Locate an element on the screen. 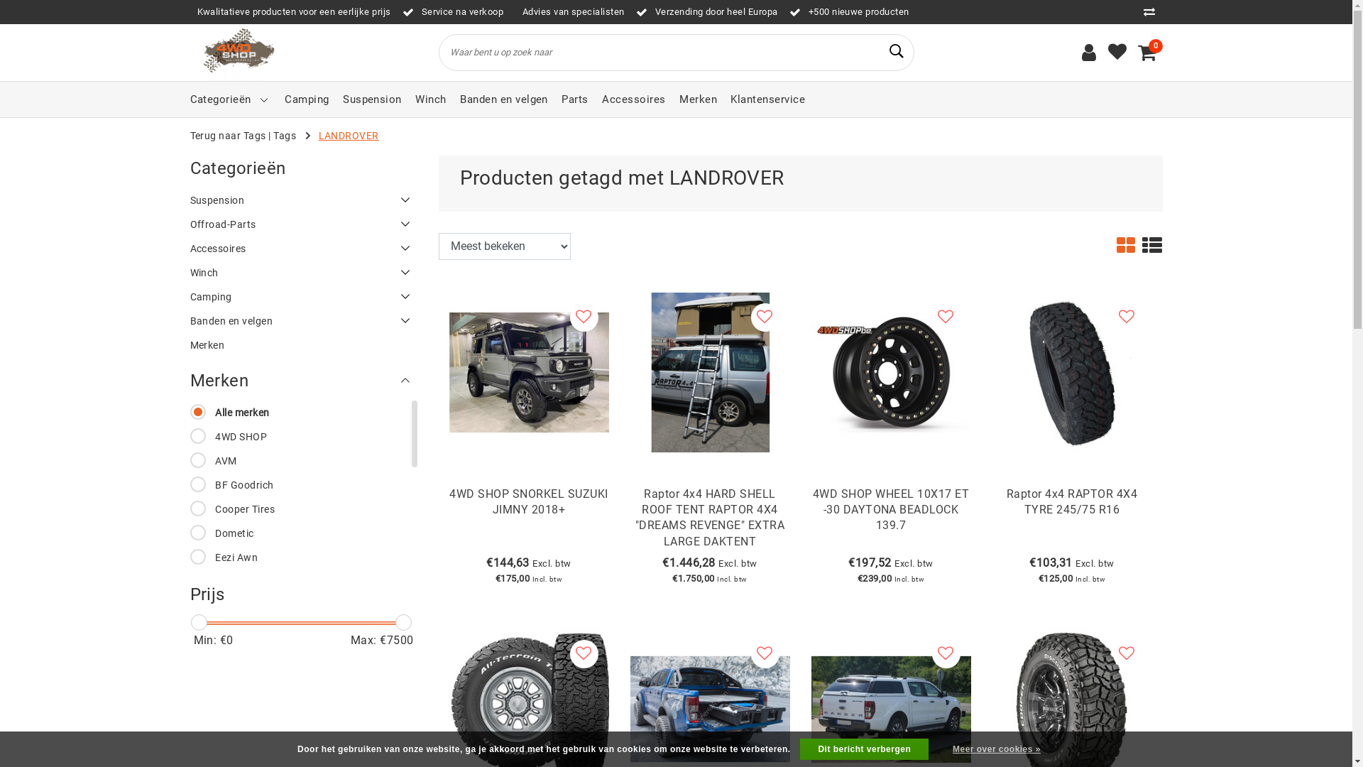  'Verlanglijst' is located at coordinates (1107, 51).